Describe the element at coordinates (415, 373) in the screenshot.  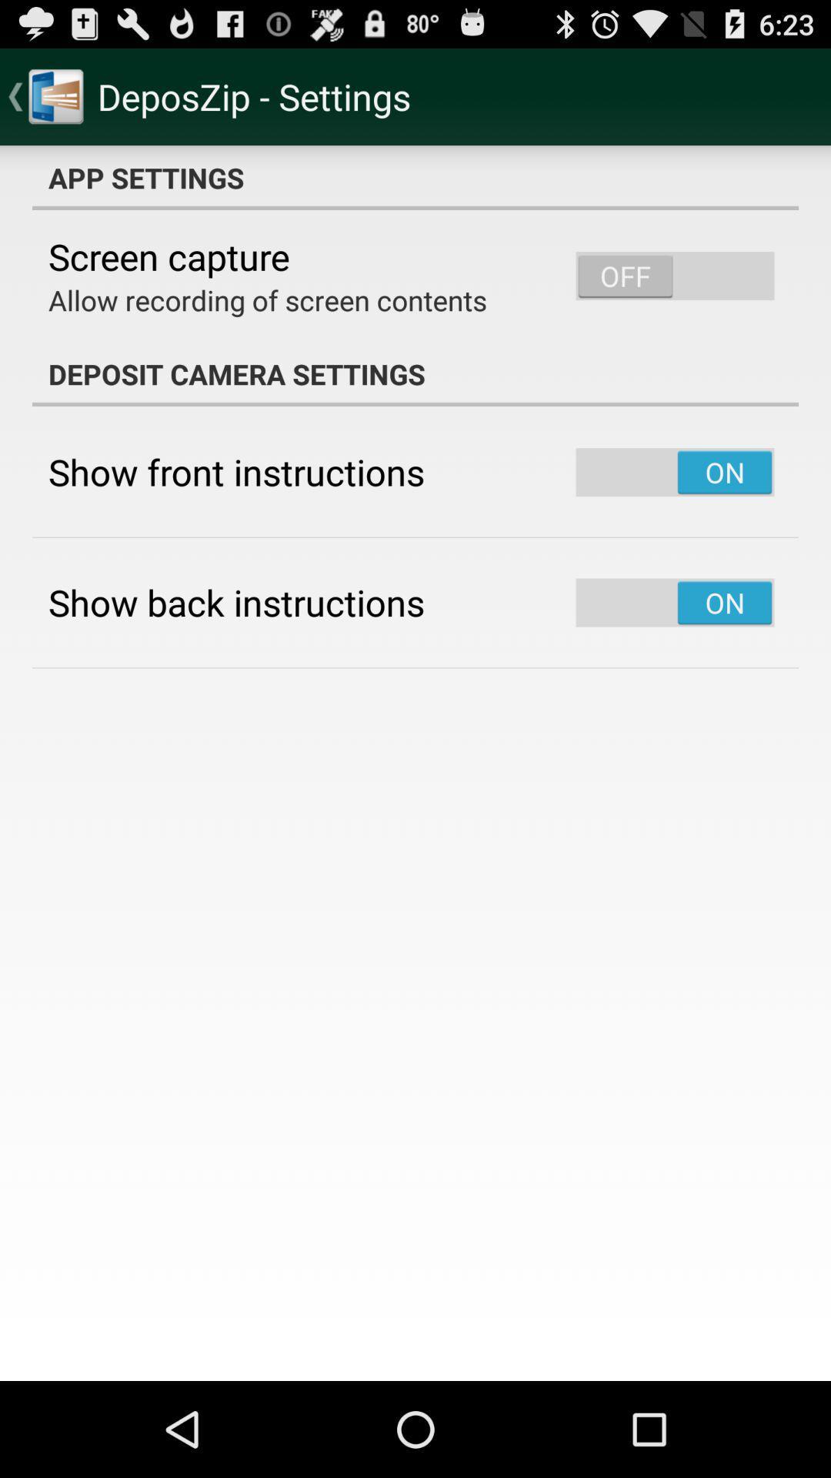
I see `item below the allow recording of` at that location.